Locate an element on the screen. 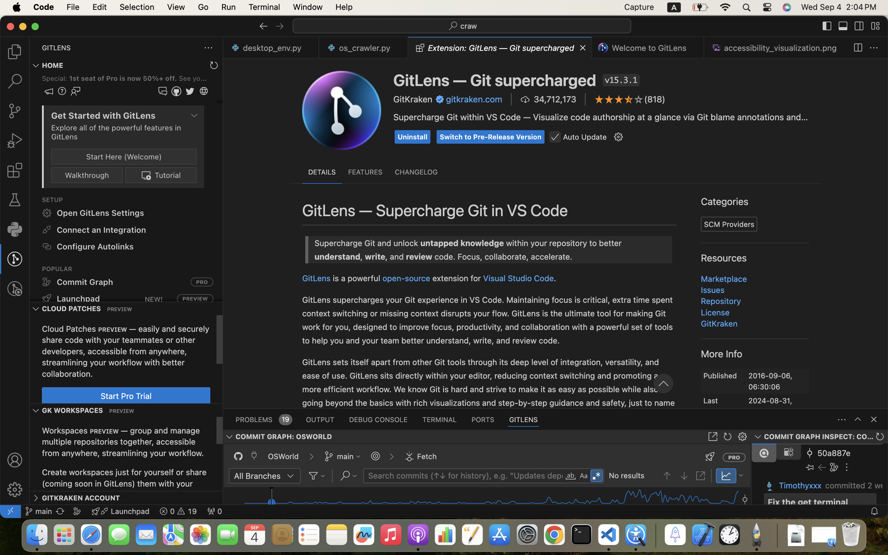  '0 PORTS' is located at coordinates (483, 419).